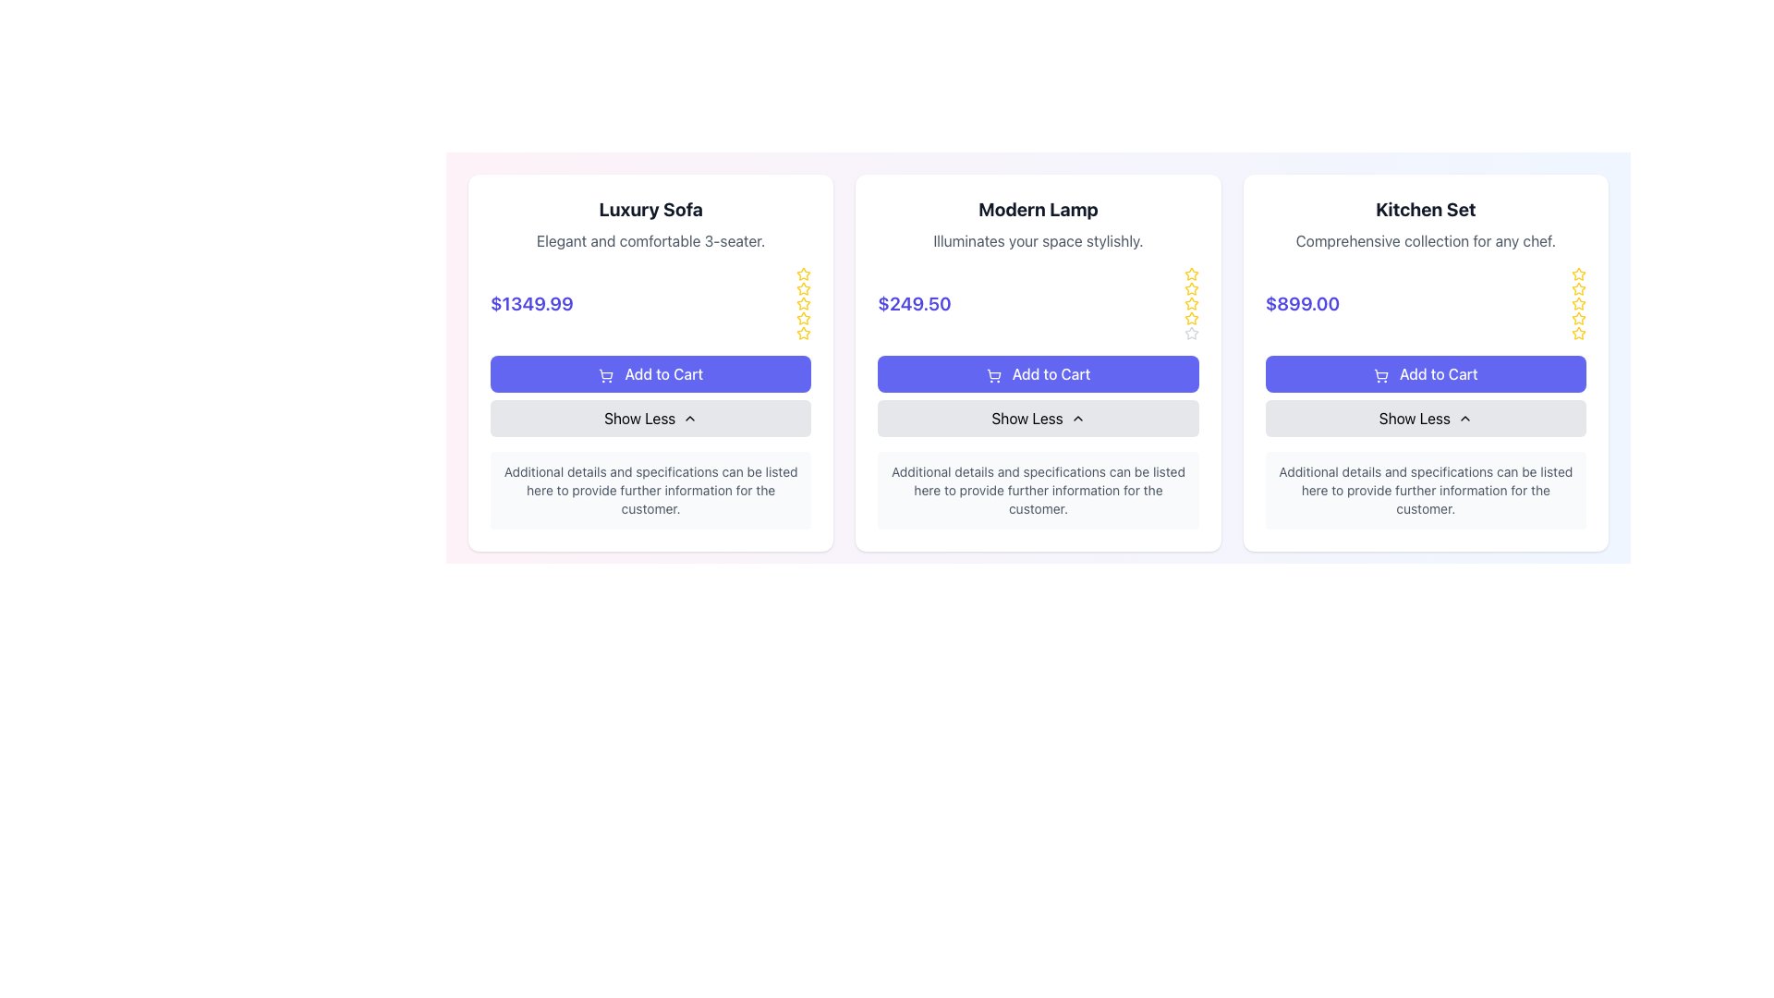 The image size is (1774, 998). What do you see at coordinates (1191, 288) in the screenshot?
I see `the third star icon in the rating section under the product titled 'Modern Lamp', which is filled with yellow and located in the second product card` at bounding box center [1191, 288].